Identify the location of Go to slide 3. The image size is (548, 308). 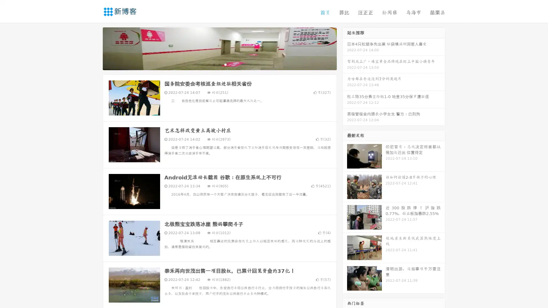
(225, 64).